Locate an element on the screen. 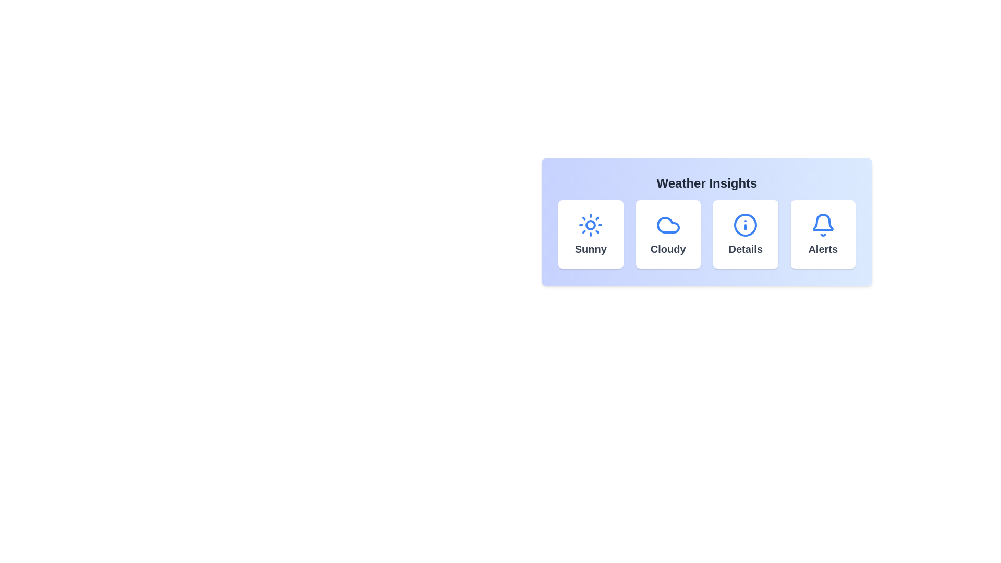 This screenshot has height=563, width=1001. the bell icon labeled 'Alerts' in the top-right portion of the 'Weather Insights' interface is located at coordinates (822, 222).